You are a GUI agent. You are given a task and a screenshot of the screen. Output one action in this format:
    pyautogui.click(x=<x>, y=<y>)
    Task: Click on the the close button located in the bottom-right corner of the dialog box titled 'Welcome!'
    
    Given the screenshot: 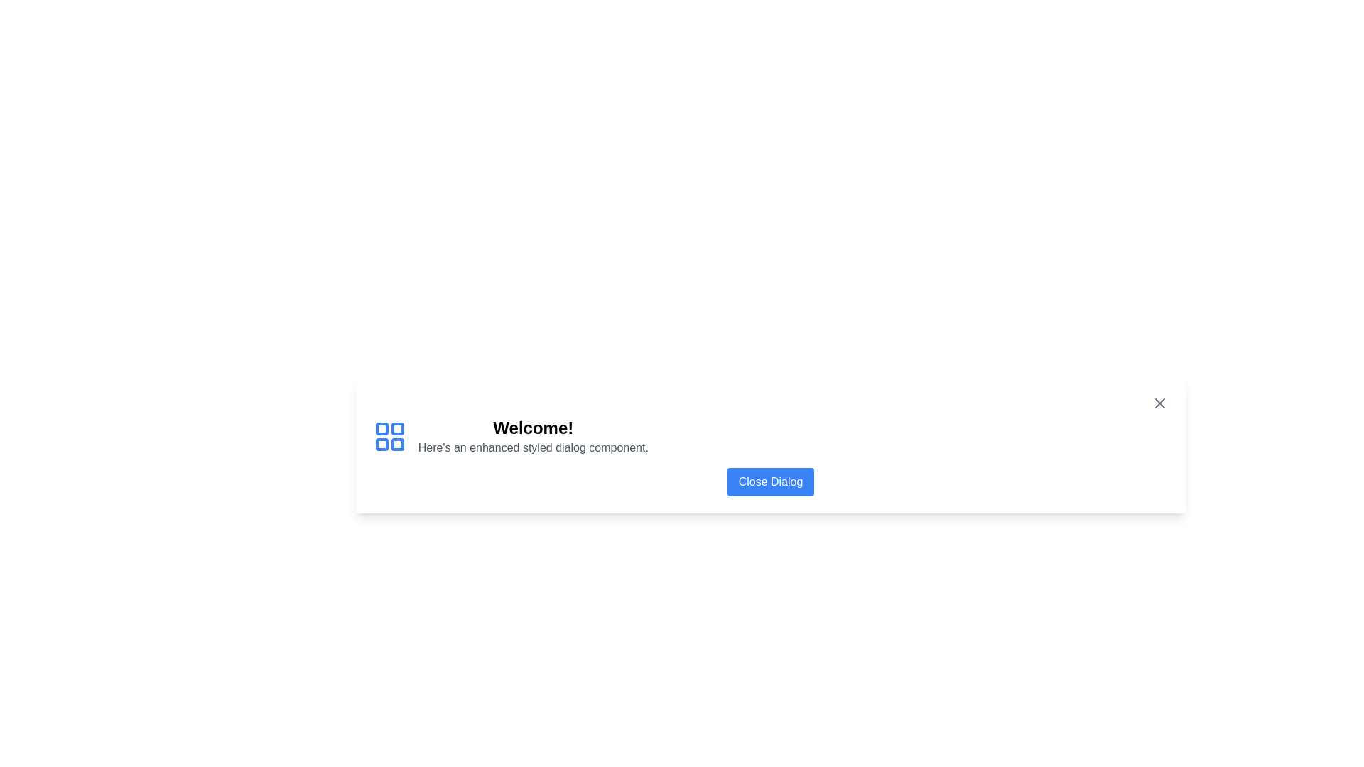 What is the action you would take?
    pyautogui.click(x=769, y=481)
    